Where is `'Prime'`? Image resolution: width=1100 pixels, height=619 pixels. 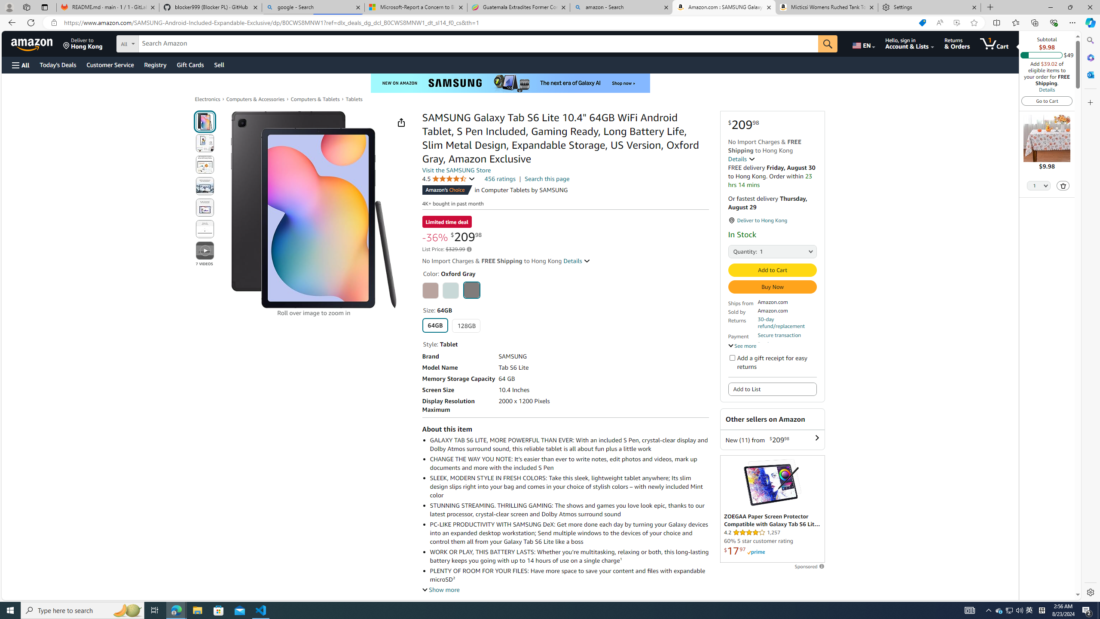 'Prime' is located at coordinates (756, 552).